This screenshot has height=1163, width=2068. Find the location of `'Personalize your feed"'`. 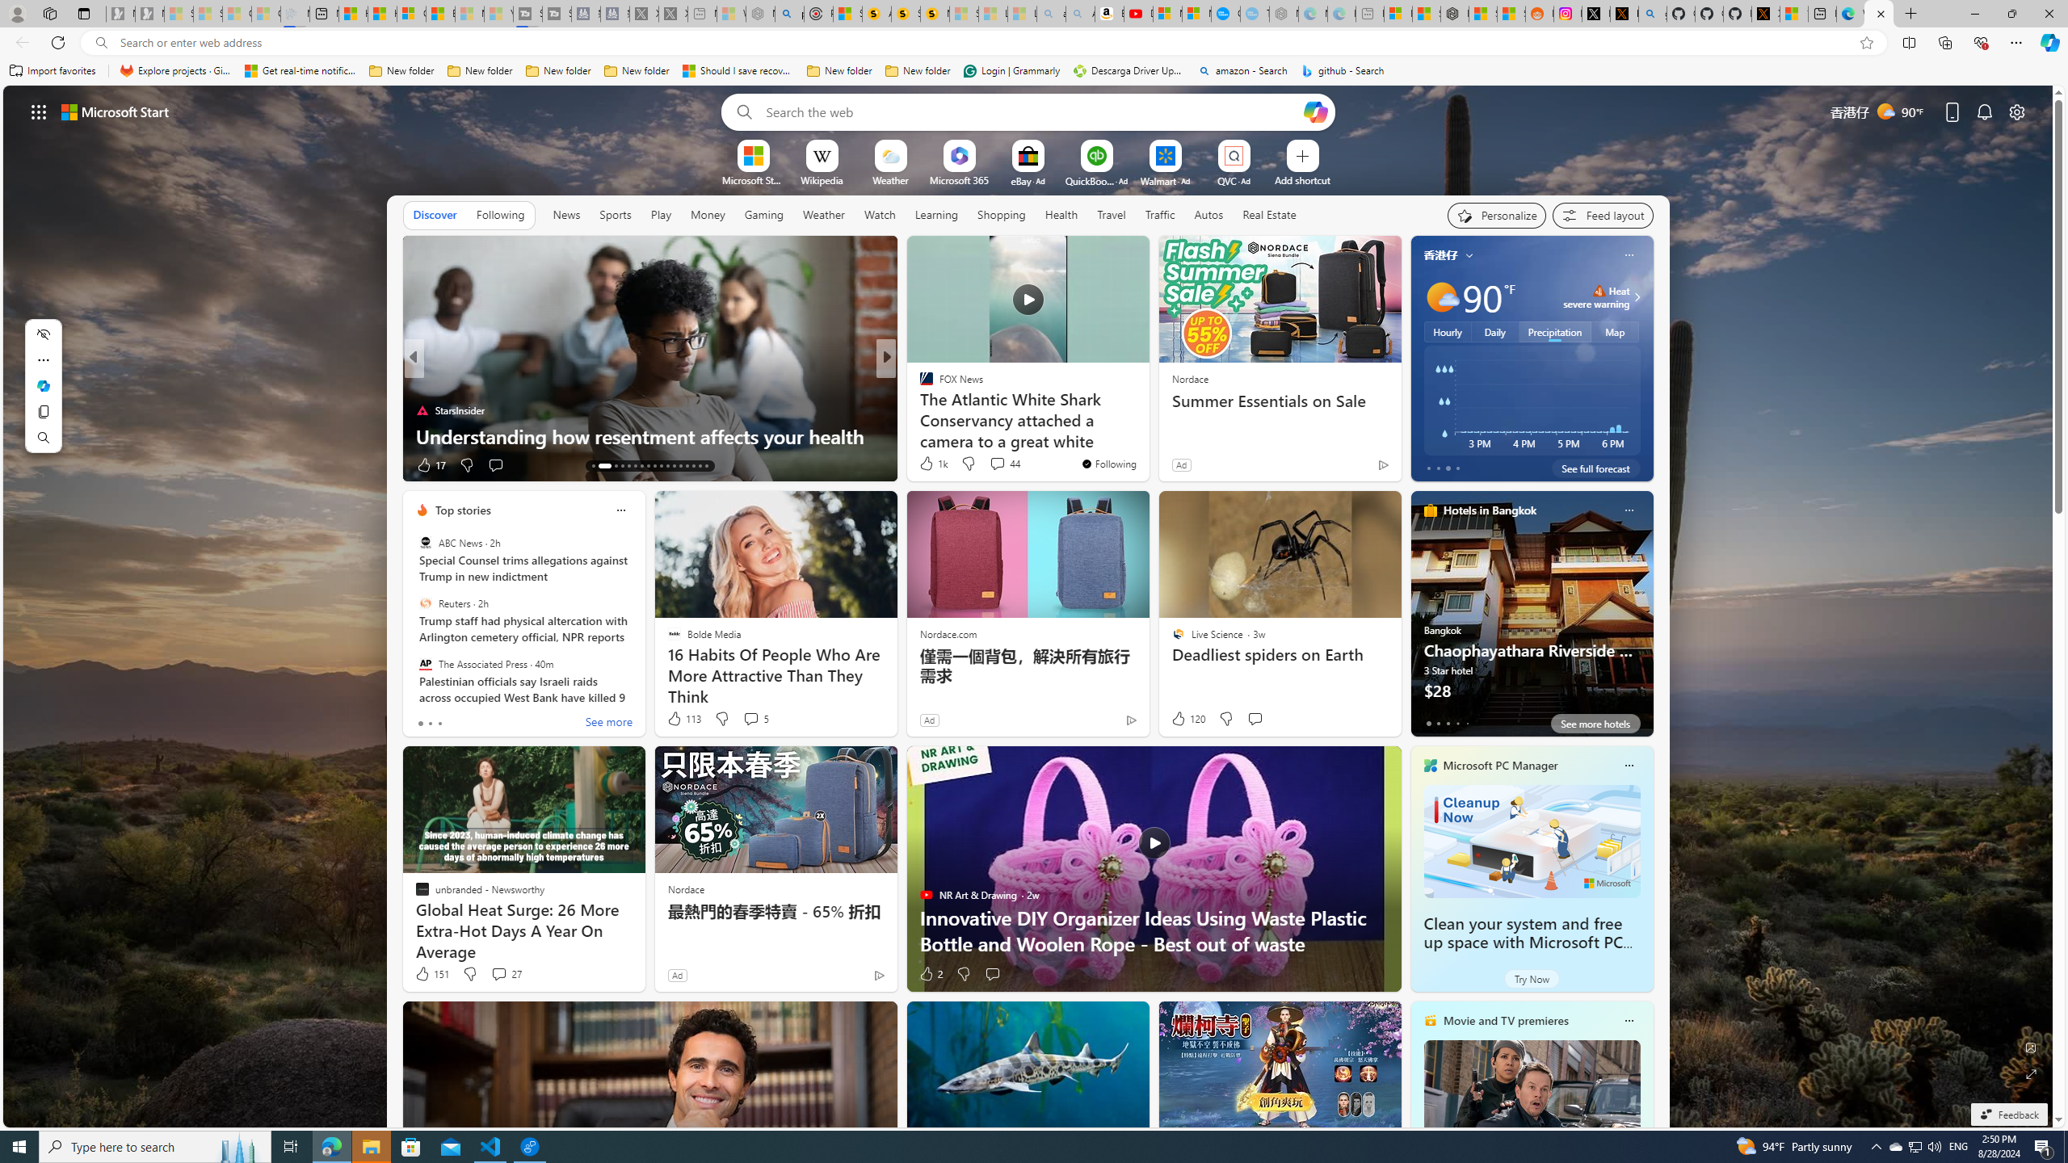

'Personalize your feed"' is located at coordinates (1496, 216).